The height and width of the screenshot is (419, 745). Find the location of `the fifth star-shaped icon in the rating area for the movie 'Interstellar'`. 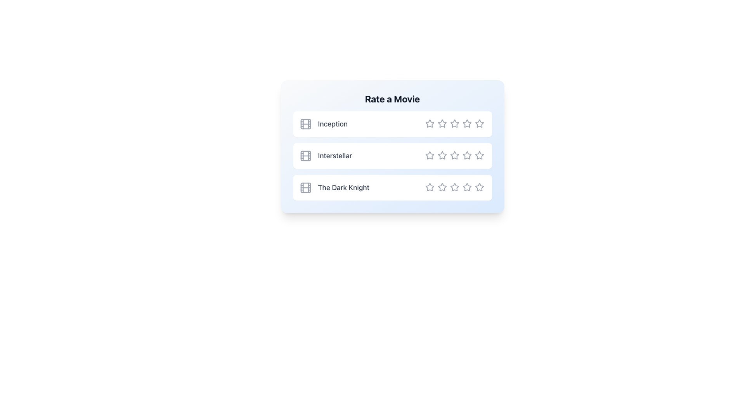

the fifth star-shaped icon in the rating area for the movie 'Interstellar' is located at coordinates (479, 156).